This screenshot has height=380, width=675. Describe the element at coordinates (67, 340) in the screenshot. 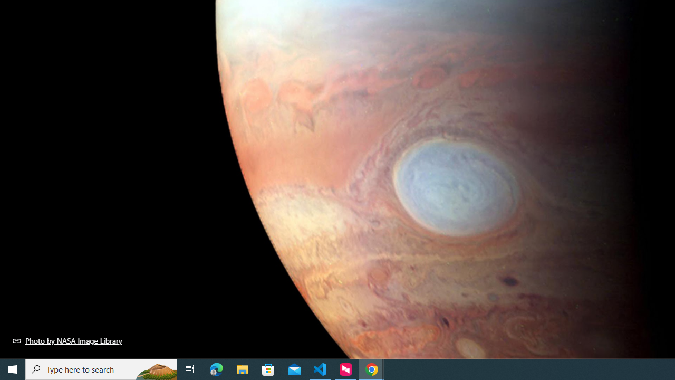

I see `'Photo by NASA Image Library'` at that location.